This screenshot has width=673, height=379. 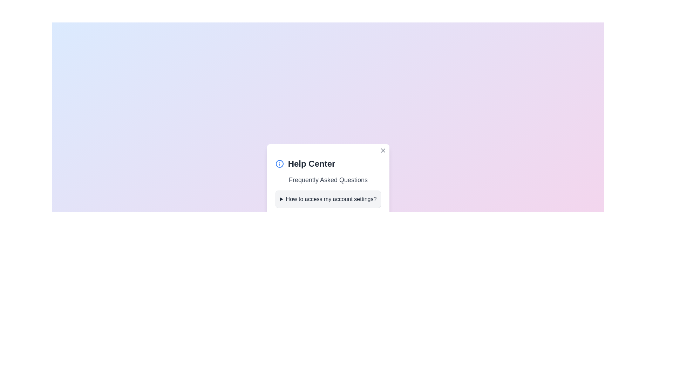 What do you see at coordinates (279, 164) in the screenshot?
I see `the circular blue information icon located on the left side of the 'Help Center' section within the modal window, adjacent to the title text 'Help Center'` at bounding box center [279, 164].